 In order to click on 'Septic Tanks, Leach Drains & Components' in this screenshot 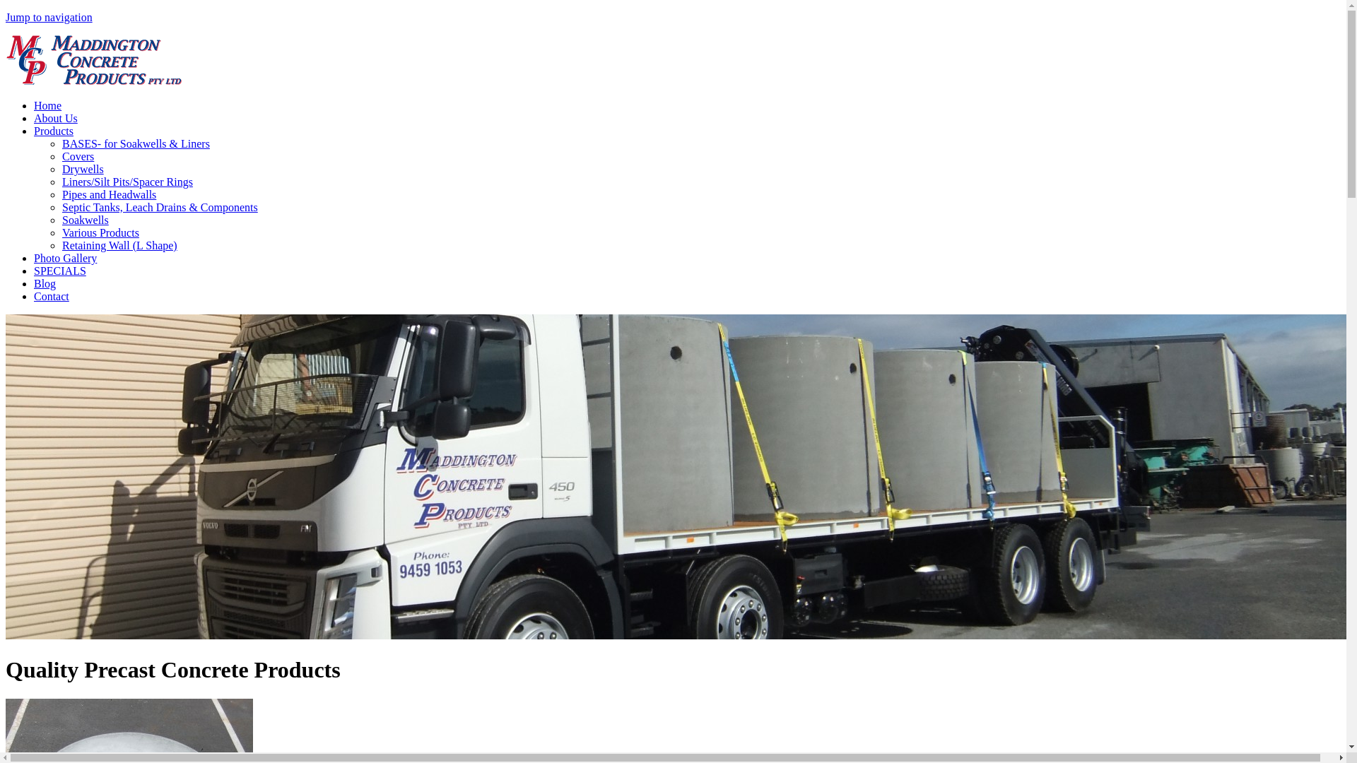, I will do `click(160, 207)`.